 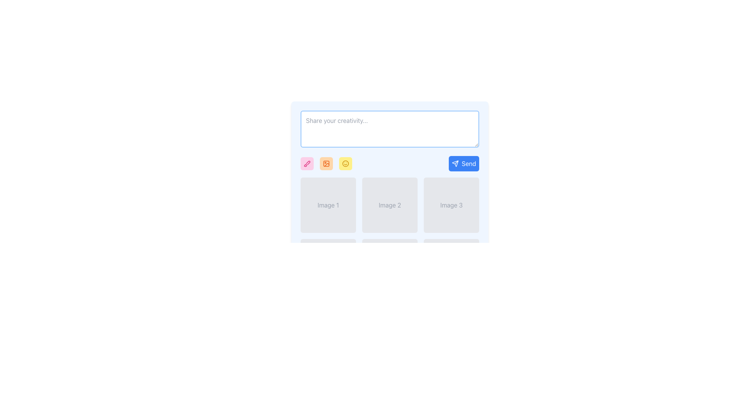 What do you see at coordinates (463, 163) in the screenshot?
I see `the 'Send' button, which is a rectangular button with rounded corners, blue background, and white text` at bounding box center [463, 163].